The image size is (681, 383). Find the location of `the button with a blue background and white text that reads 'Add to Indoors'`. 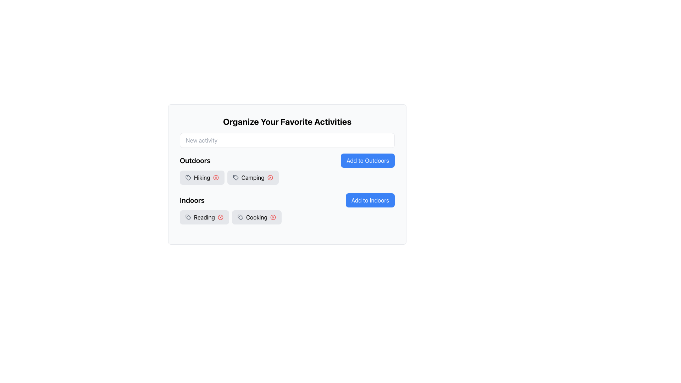

the button with a blue background and white text that reads 'Add to Indoors' is located at coordinates (370, 200).